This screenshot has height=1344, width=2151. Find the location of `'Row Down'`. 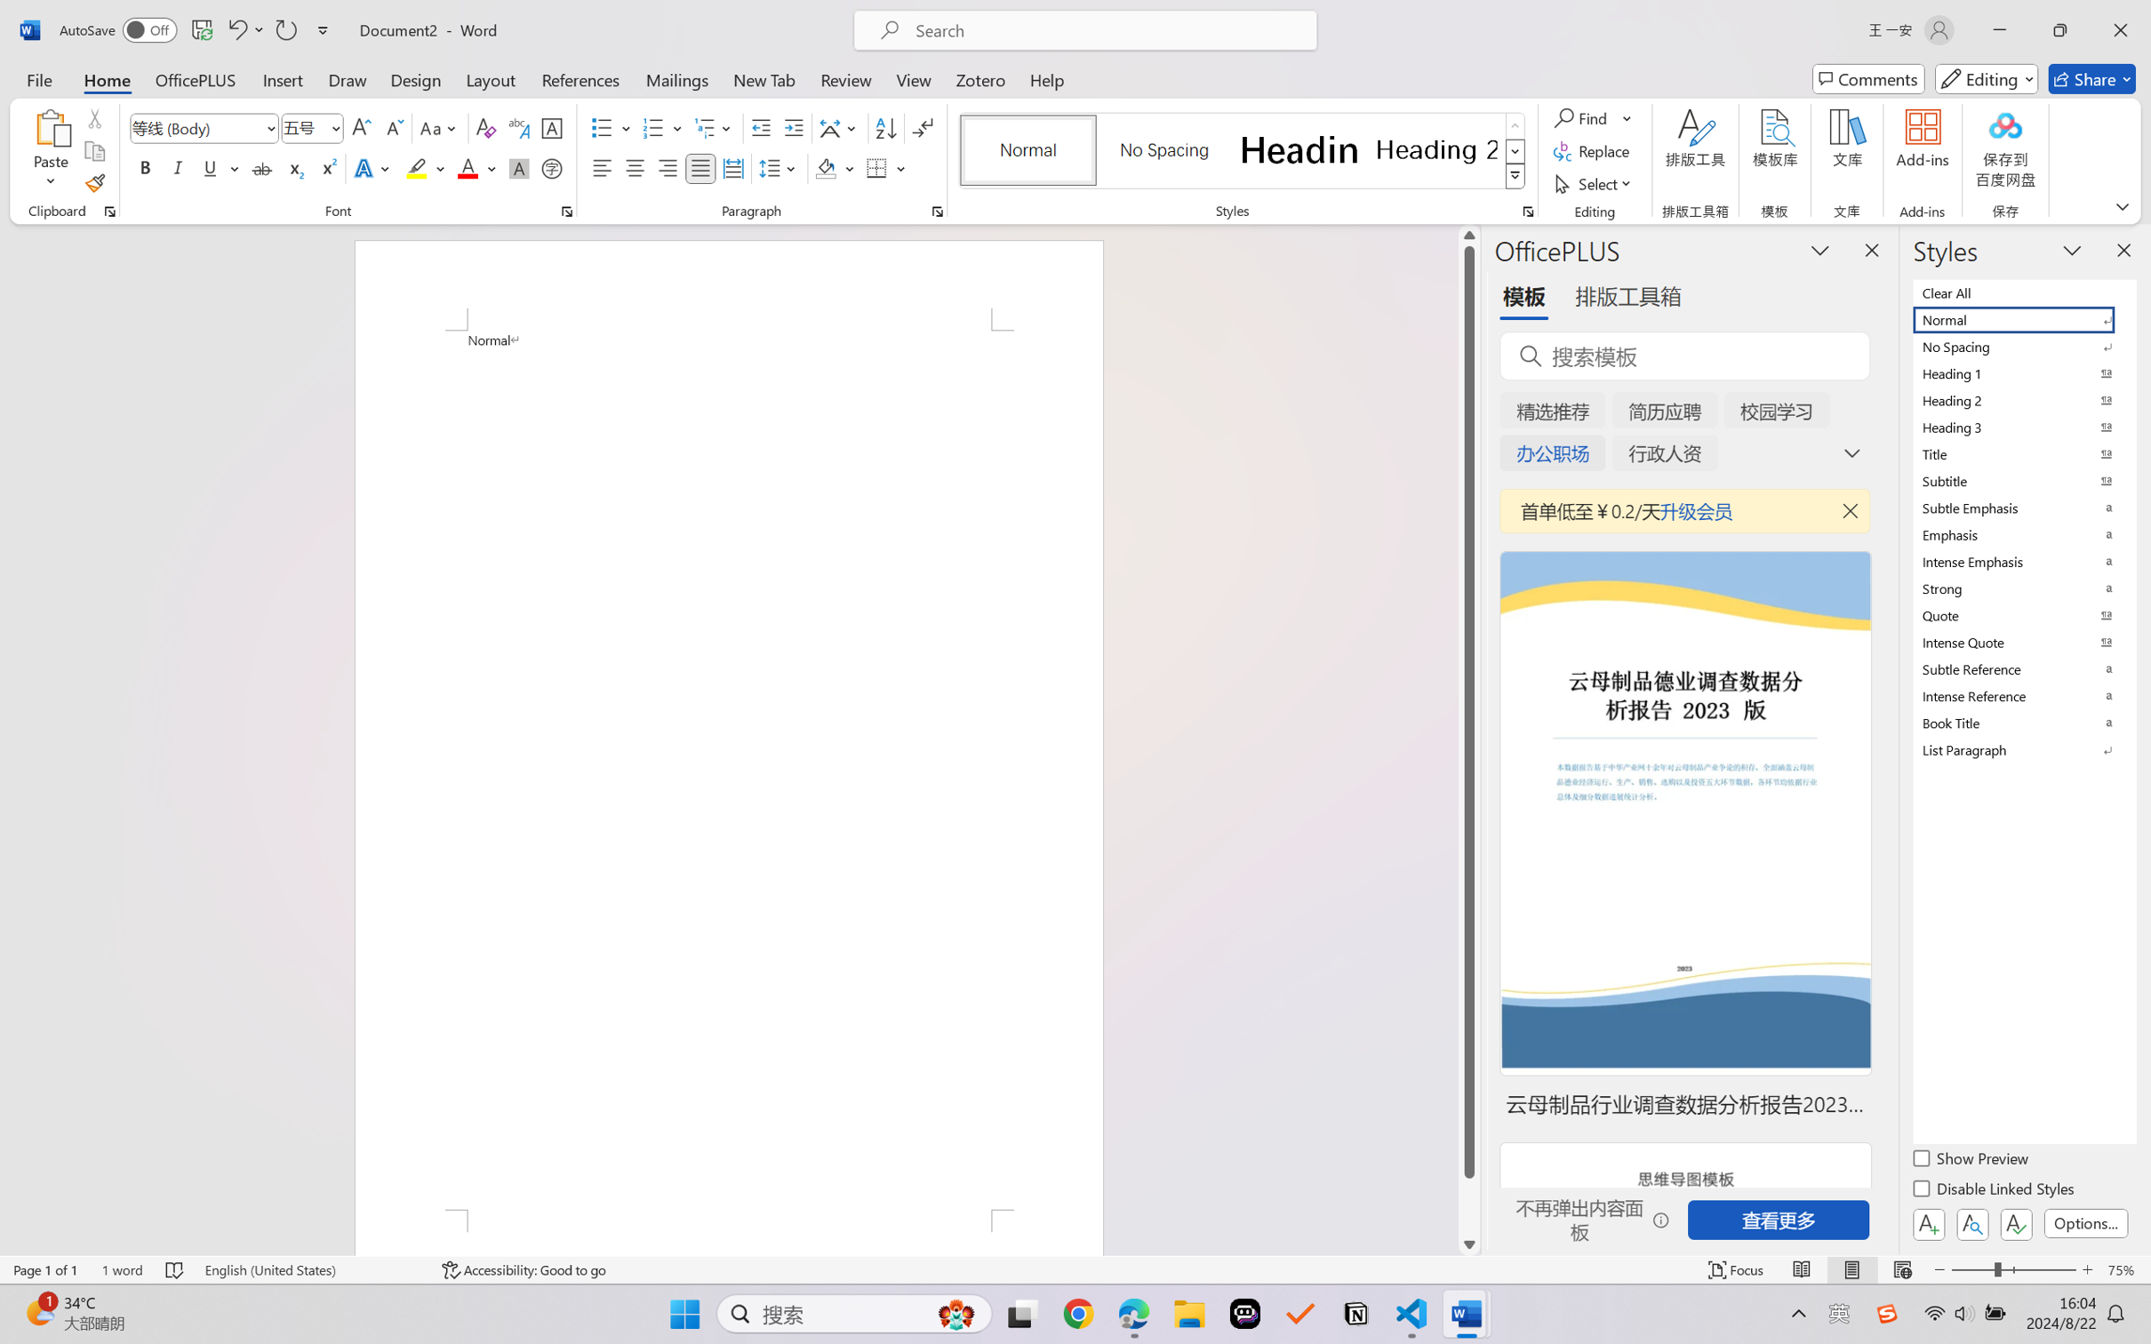

'Row Down' is located at coordinates (1514, 151).